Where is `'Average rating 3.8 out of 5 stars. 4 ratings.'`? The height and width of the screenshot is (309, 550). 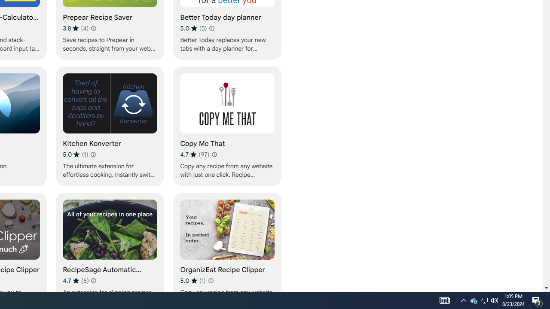
'Average rating 3.8 out of 5 stars. 4 ratings.' is located at coordinates (76, 28).